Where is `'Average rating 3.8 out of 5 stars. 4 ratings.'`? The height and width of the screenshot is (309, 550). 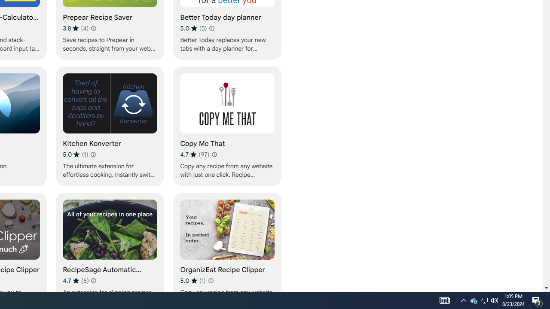
'Average rating 3.8 out of 5 stars. 4 ratings.' is located at coordinates (76, 28).